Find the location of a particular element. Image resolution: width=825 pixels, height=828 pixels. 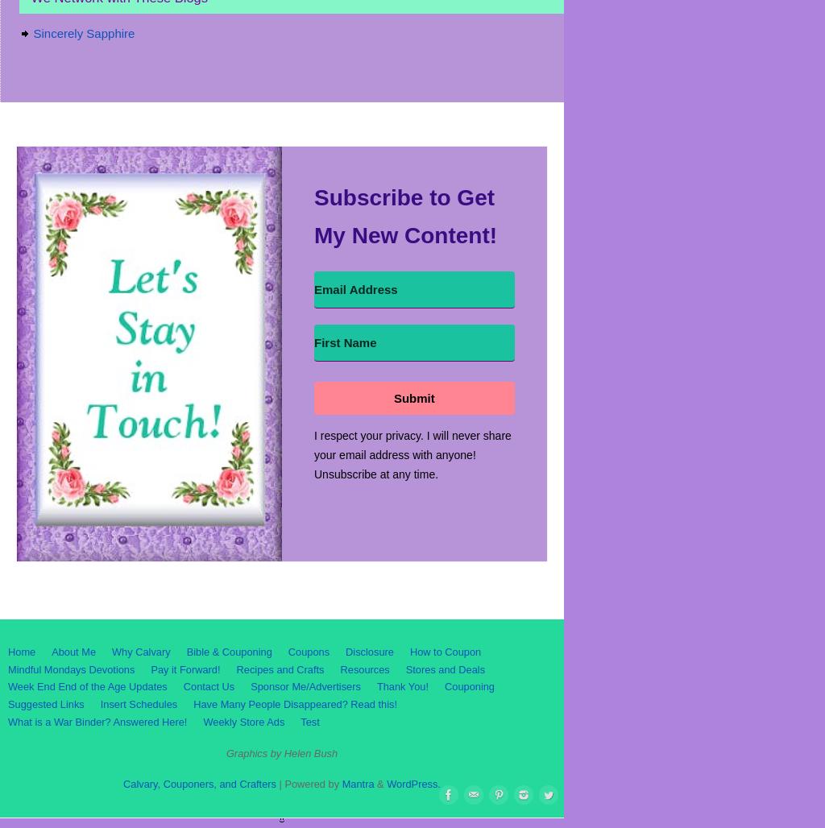

'Subscribe by Email for New Content' is located at coordinates (122, 130).